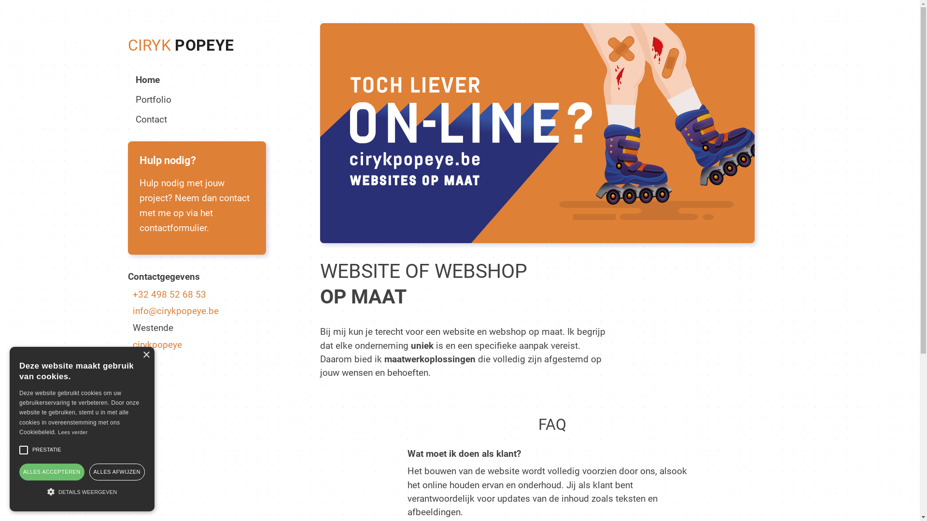 The image size is (927, 521). What do you see at coordinates (152, 99) in the screenshot?
I see `'Portfolio'` at bounding box center [152, 99].